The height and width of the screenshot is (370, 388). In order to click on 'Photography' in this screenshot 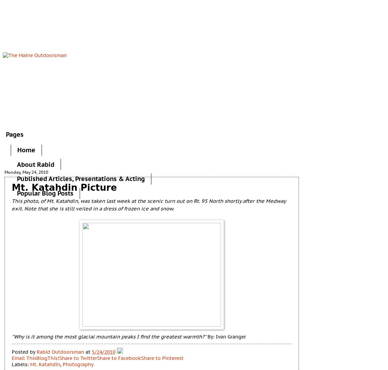, I will do `click(62, 364)`.